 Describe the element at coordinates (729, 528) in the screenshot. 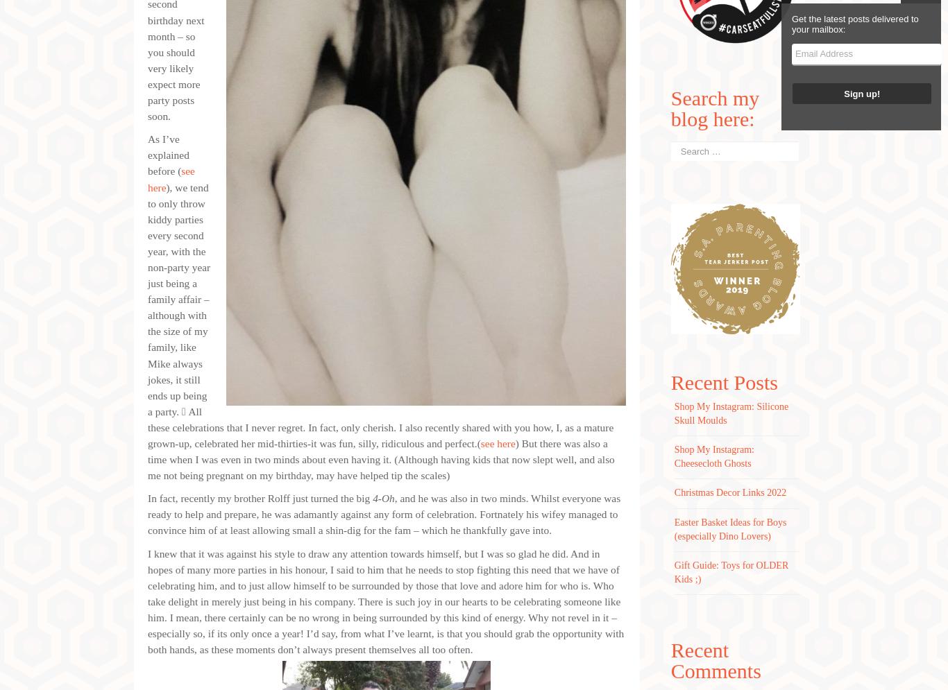

I see `'Easter Basket Ideas for Boys (especially Dino Lovers)'` at that location.